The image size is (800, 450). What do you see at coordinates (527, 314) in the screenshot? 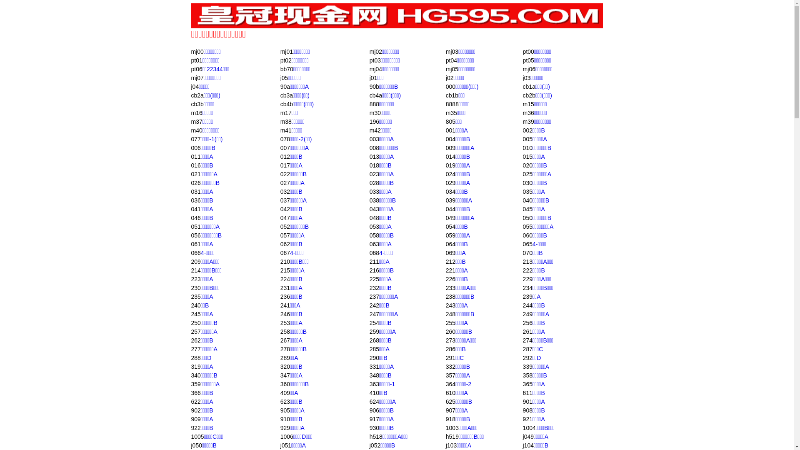
I see `'249'` at bounding box center [527, 314].